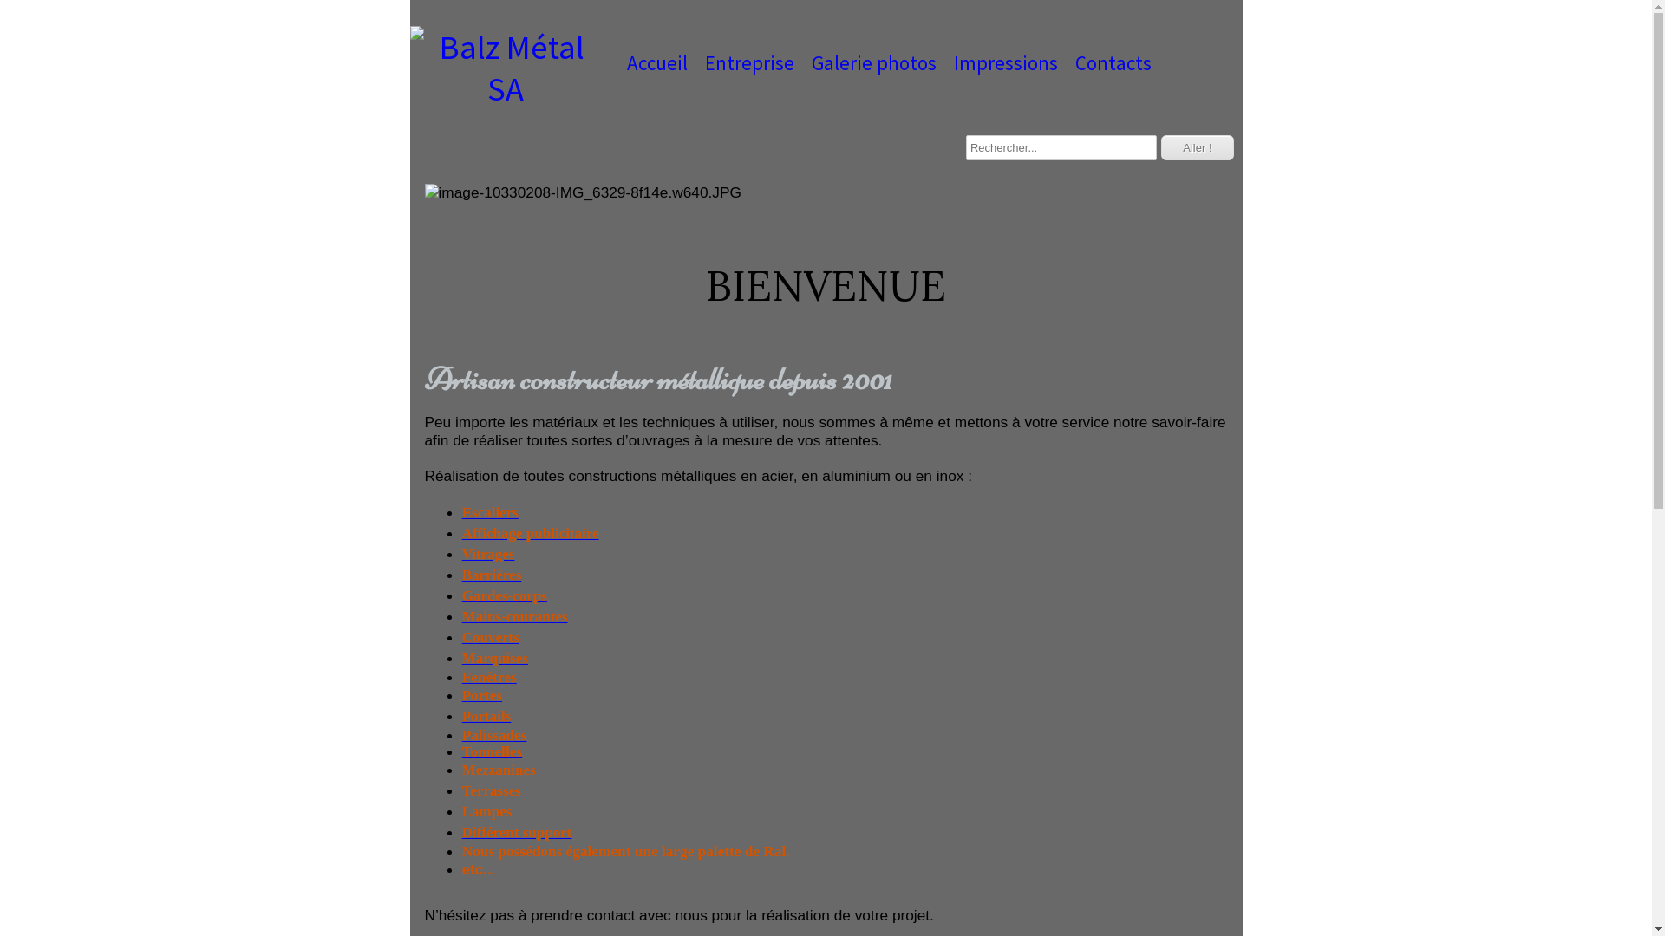 The image size is (1665, 936). I want to click on 'Galerie photos', so click(874, 62).